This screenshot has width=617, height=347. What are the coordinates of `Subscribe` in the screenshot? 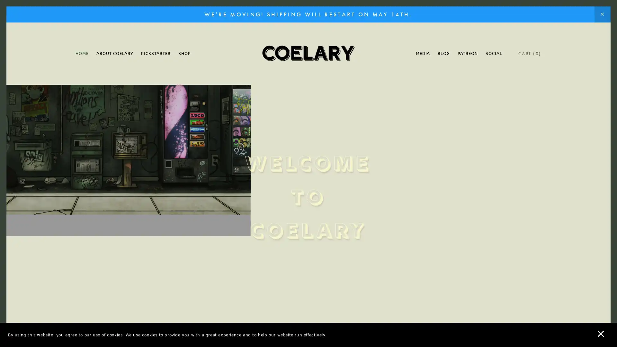 It's located at (369, 223).